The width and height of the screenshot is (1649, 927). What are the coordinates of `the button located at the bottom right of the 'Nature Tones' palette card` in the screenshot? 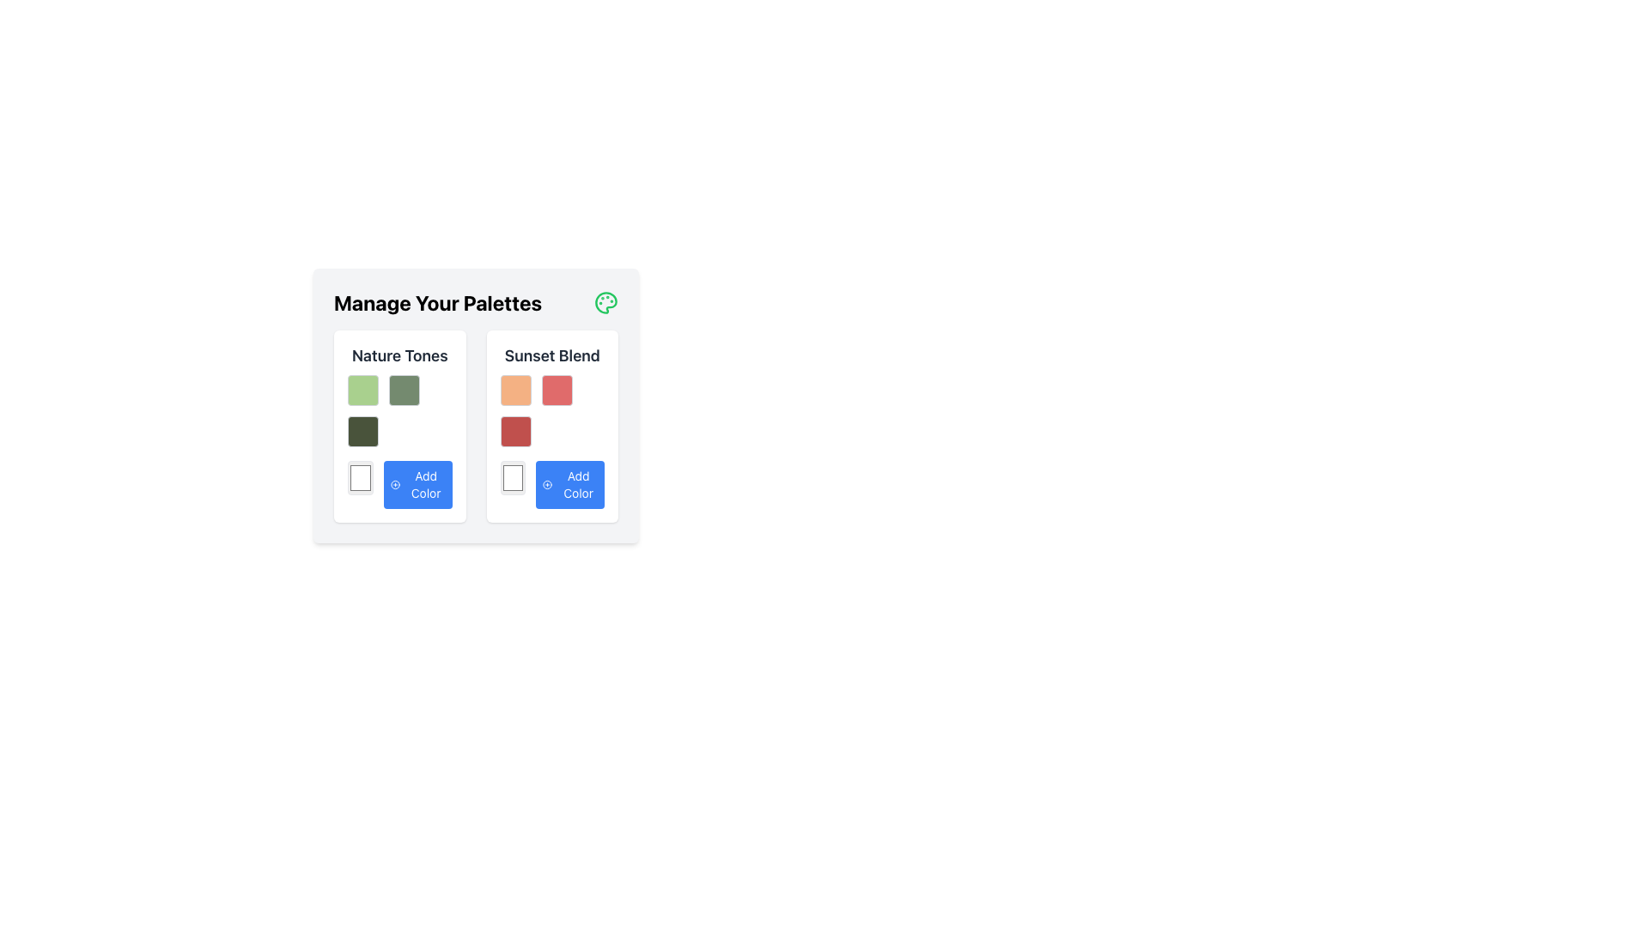 It's located at (399, 484).